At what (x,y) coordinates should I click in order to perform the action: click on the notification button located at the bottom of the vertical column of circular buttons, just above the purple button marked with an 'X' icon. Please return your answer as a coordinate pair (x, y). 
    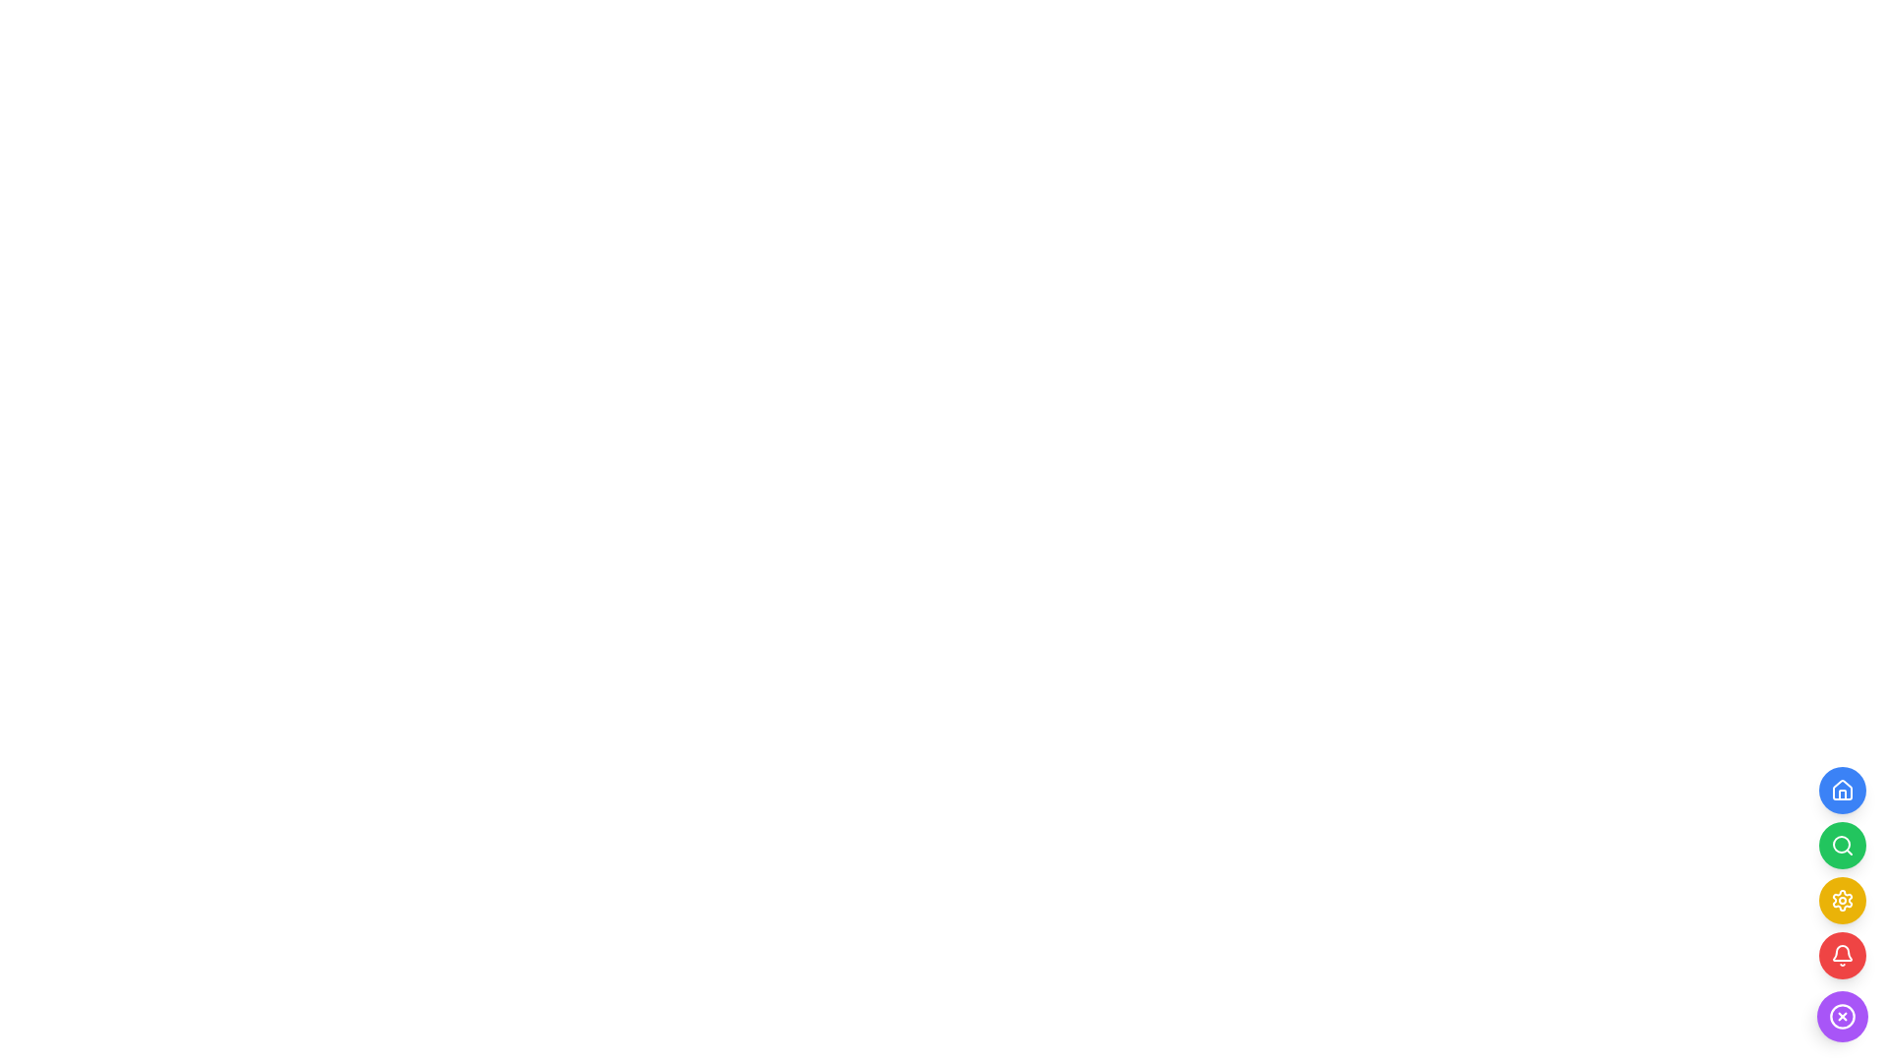
    Looking at the image, I should click on (1841, 955).